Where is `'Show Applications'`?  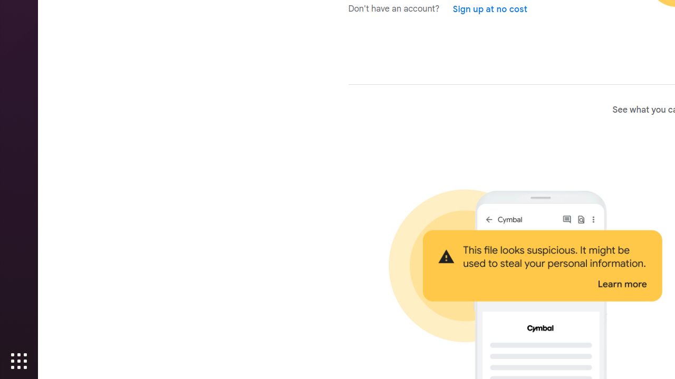
'Show Applications' is located at coordinates (18, 361).